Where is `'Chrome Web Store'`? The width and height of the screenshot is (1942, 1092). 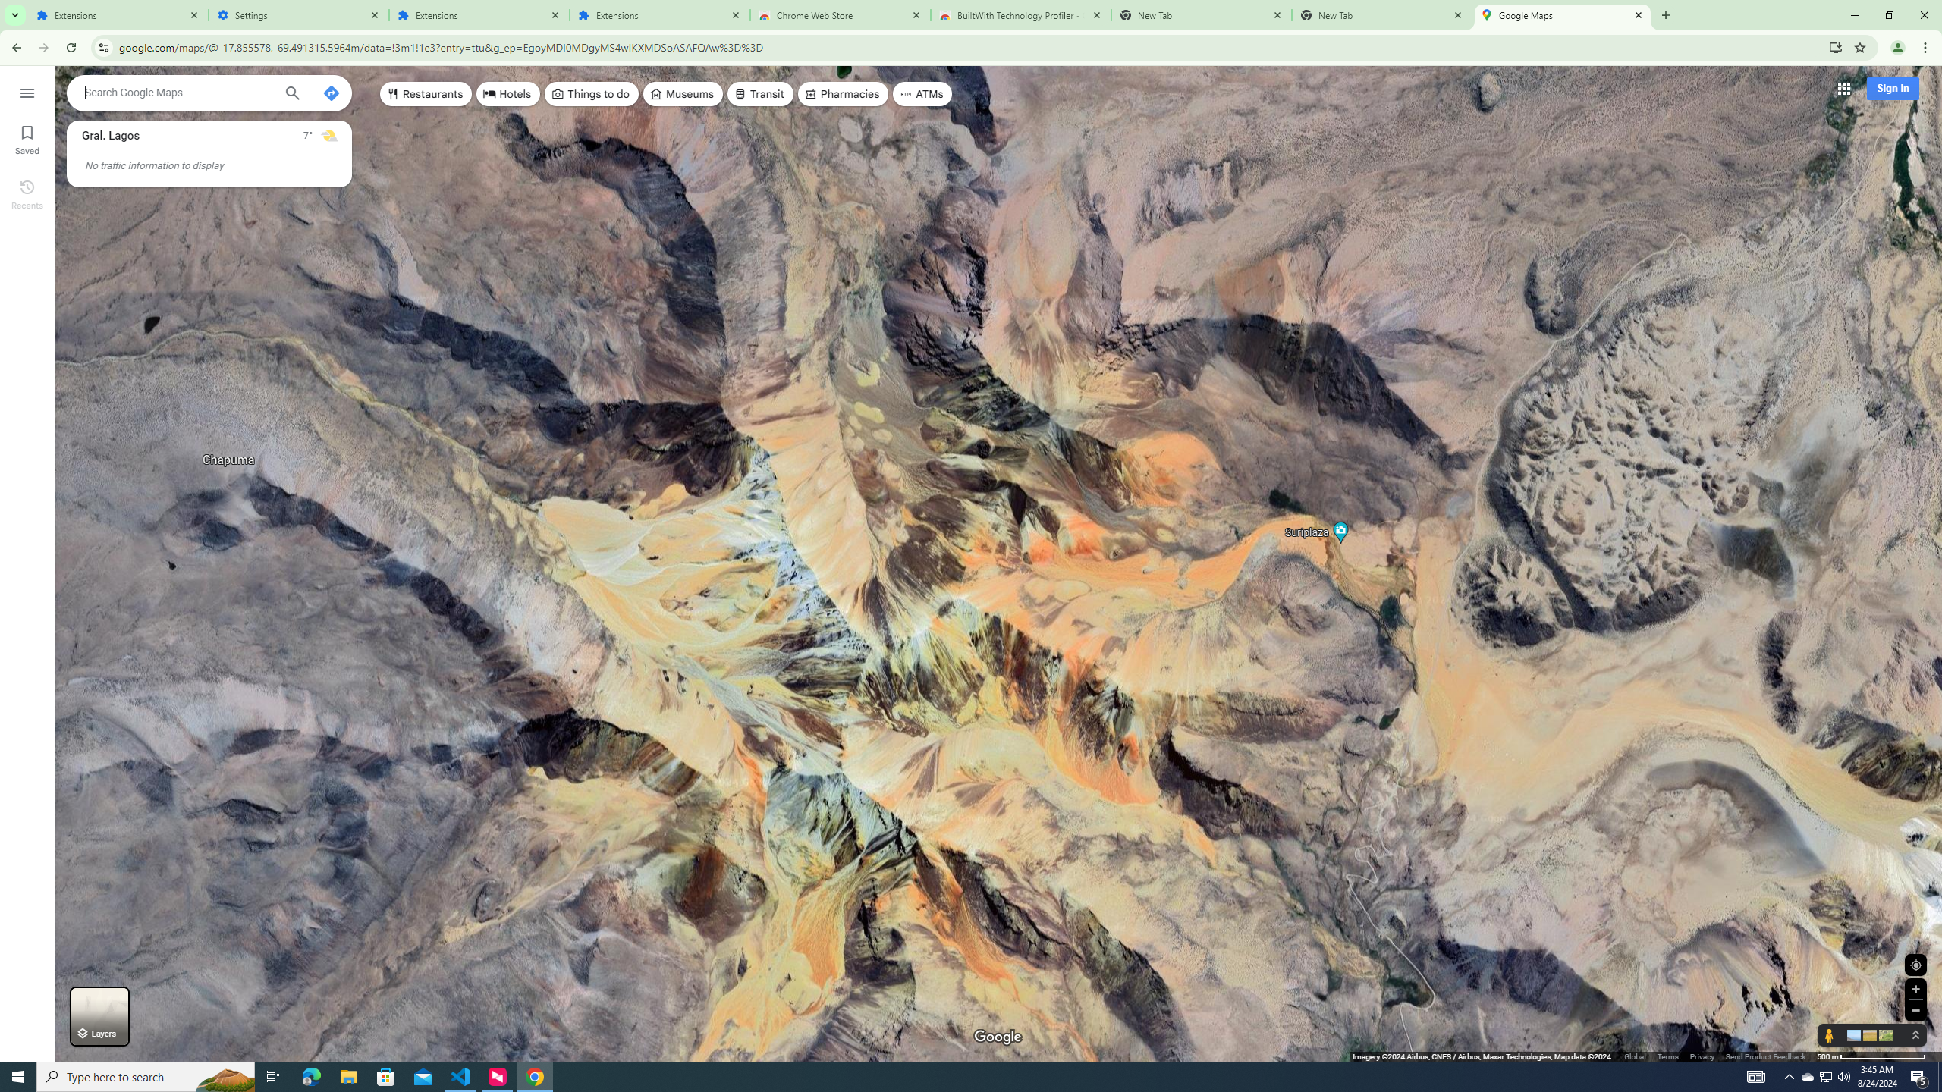
'Chrome Web Store' is located at coordinates (841, 14).